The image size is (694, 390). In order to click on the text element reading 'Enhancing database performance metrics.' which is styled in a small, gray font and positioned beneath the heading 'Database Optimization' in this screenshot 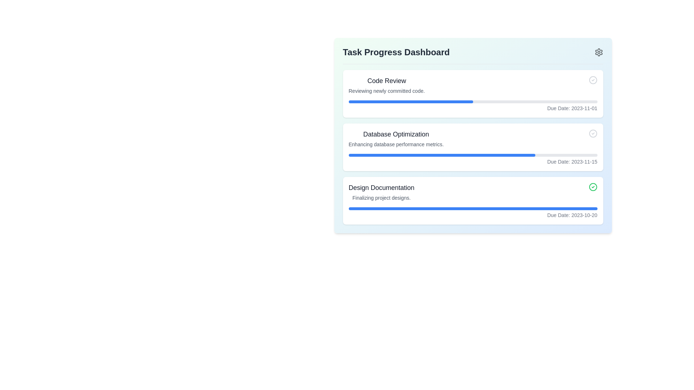, I will do `click(395, 144)`.